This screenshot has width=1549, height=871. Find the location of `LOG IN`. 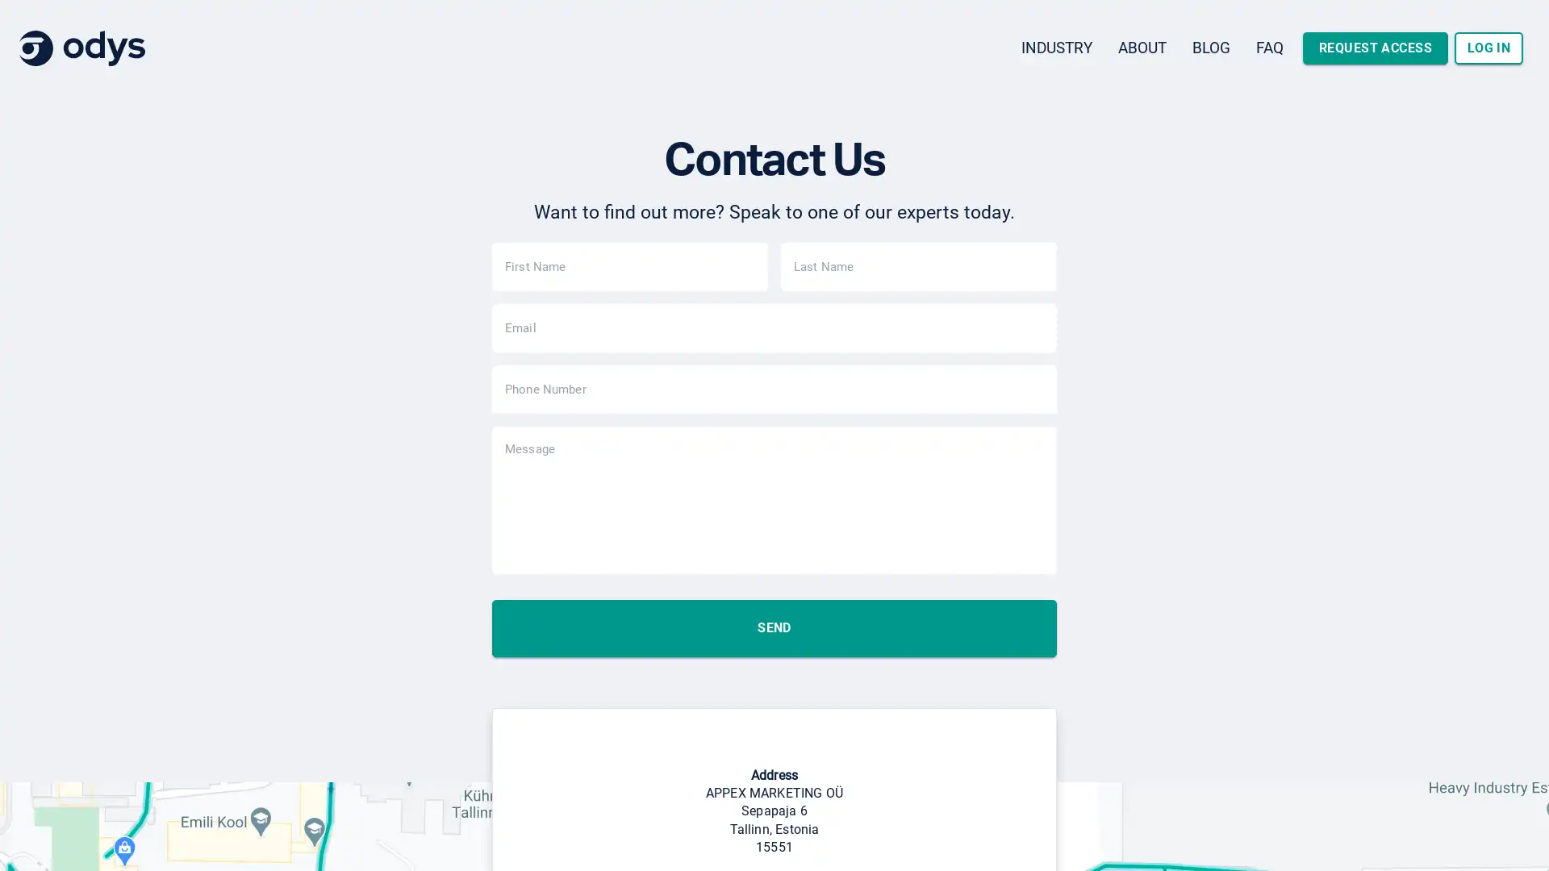

LOG IN is located at coordinates (1488, 48).